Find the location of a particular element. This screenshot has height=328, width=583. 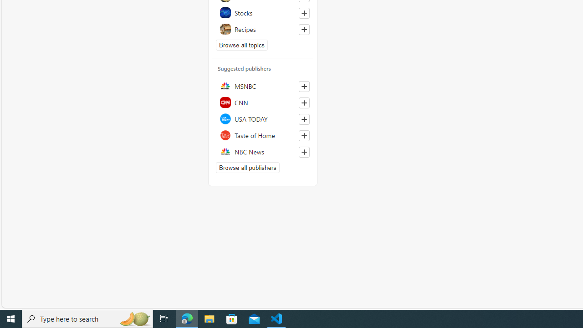

'Follow this topic' is located at coordinates (304, 29).